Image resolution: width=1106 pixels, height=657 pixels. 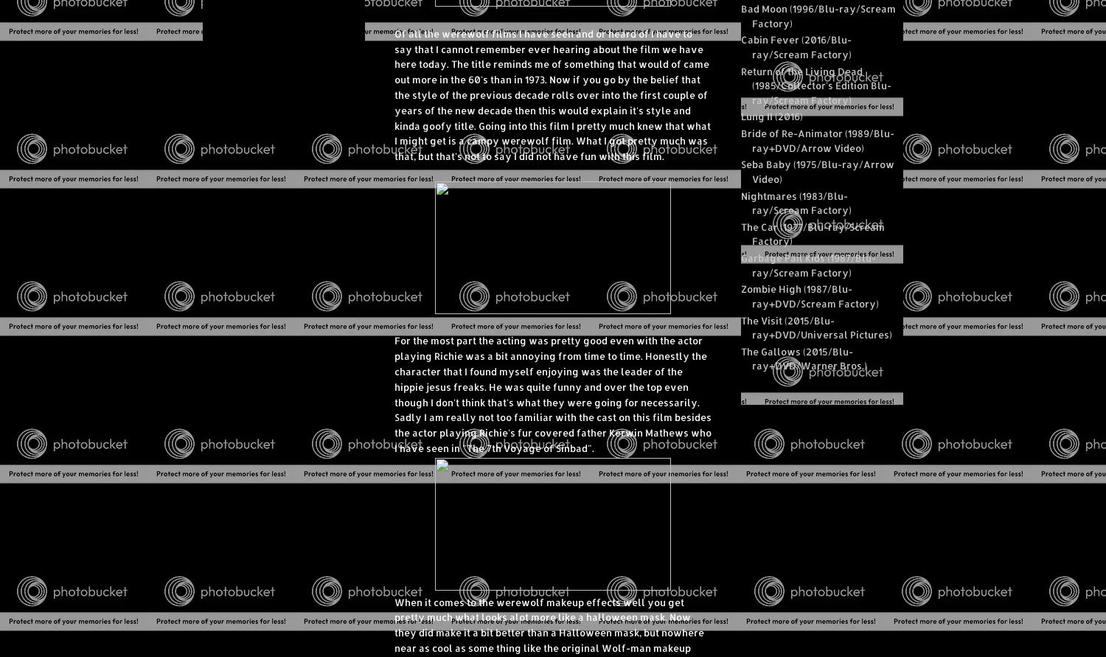 What do you see at coordinates (552, 94) in the screenshot?
I see `'Of all the werewolf films I have seen and or heard of I have to say that I cannot remember ever hearing about the film we have here today. The title reminds me of something that would of came out more in the 60's than in 1973. Now if you go by the belief that the style of the previous decade rolls over into the first couple of years of the new decade then this would explain it's style and kinda goofy title. Going into this film I pretty much knew that what I might get is a campy werewolf film. What I got pretty much was that, but that's not to say I did not have fun with this film.'` at bounding box center [552, 94].